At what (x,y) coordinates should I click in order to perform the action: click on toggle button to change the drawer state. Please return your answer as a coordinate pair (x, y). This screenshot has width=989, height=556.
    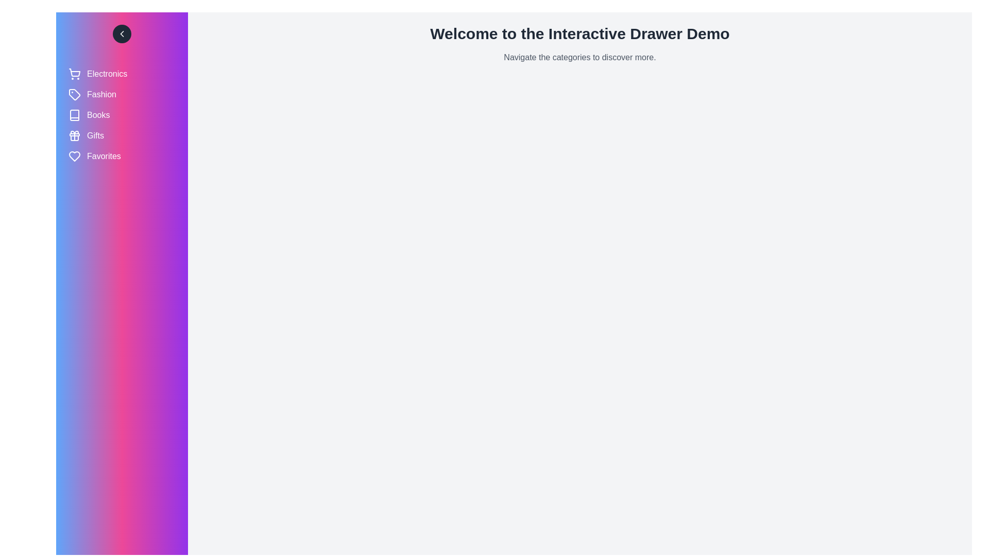
    Looking at the image, I should click on (122, 33).